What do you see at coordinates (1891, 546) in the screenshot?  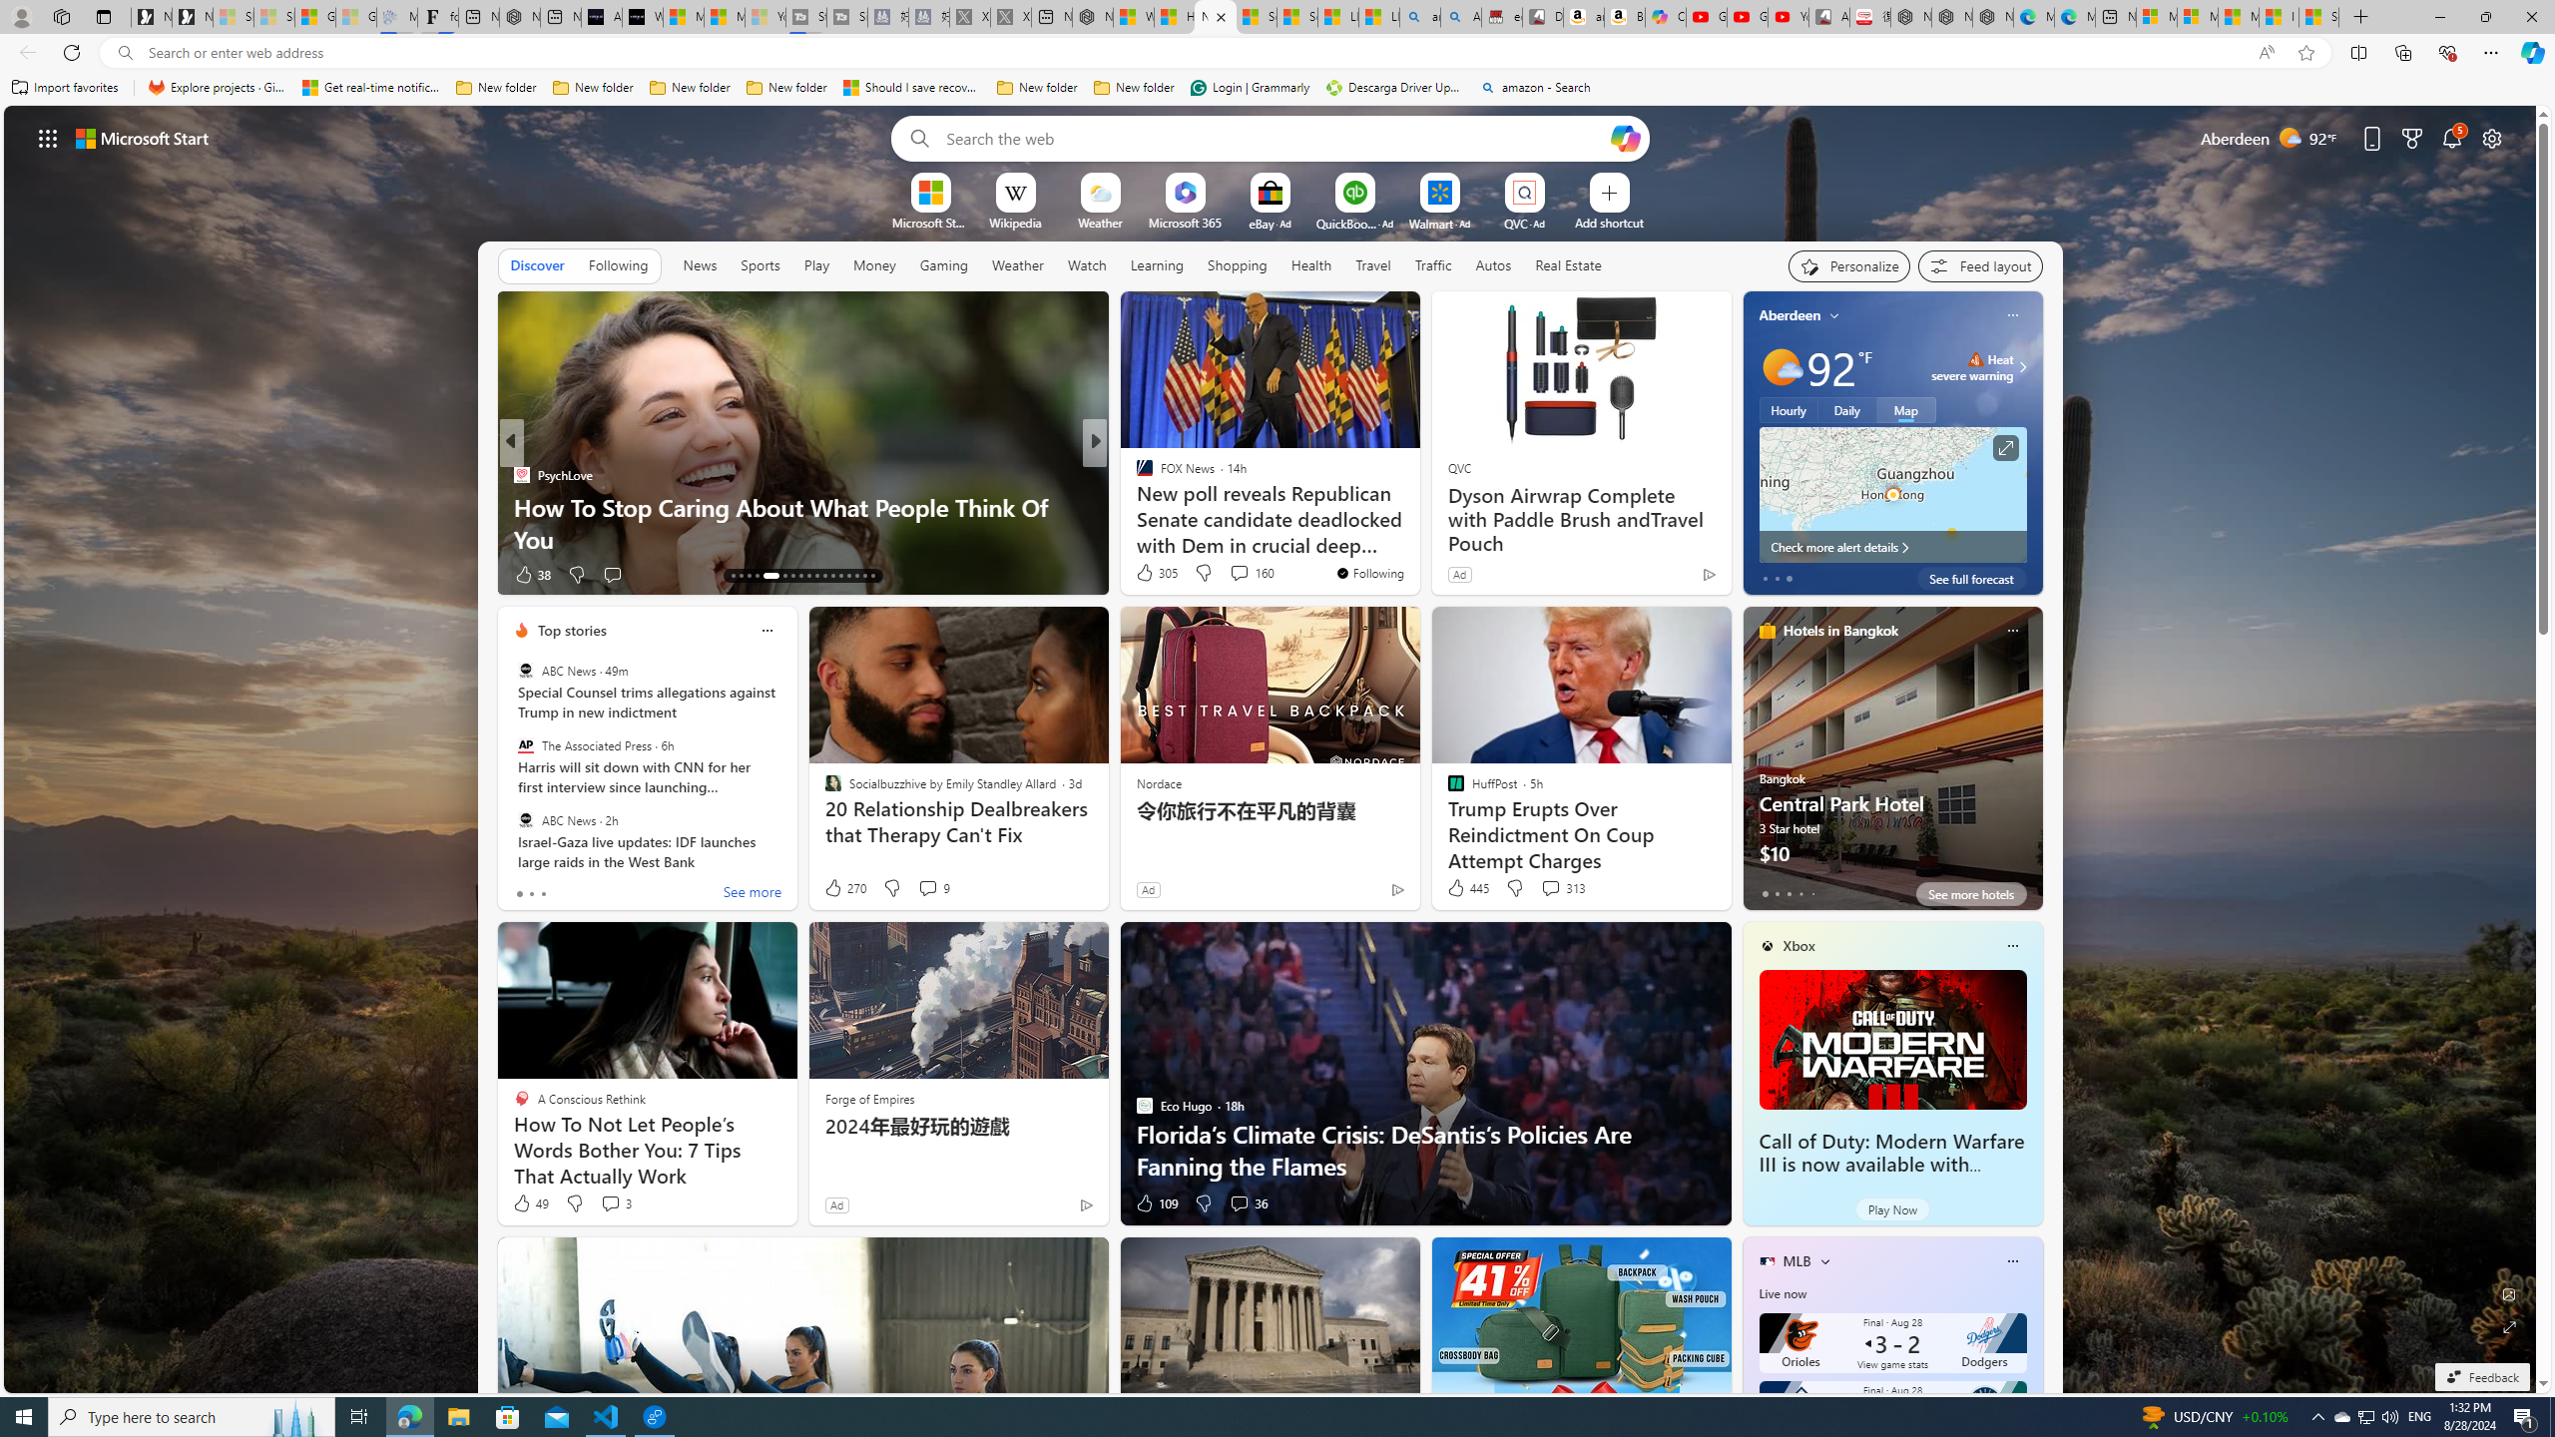 I see `'Check more alert details'` at bounding box center [1891, 546].